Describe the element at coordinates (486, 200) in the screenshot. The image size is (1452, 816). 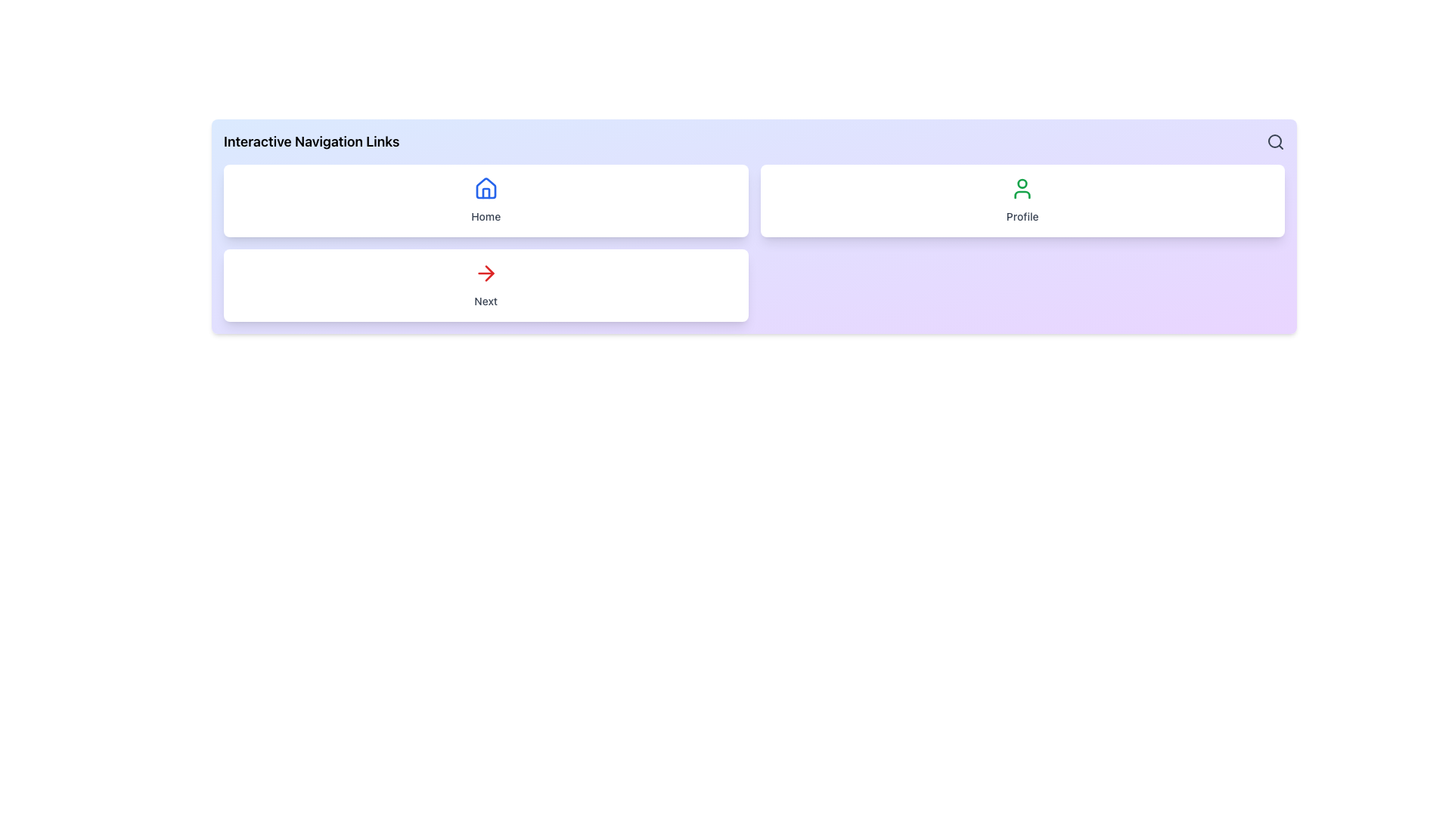
I see `the 'Home' button located in the upper-left of the layout` at that location.